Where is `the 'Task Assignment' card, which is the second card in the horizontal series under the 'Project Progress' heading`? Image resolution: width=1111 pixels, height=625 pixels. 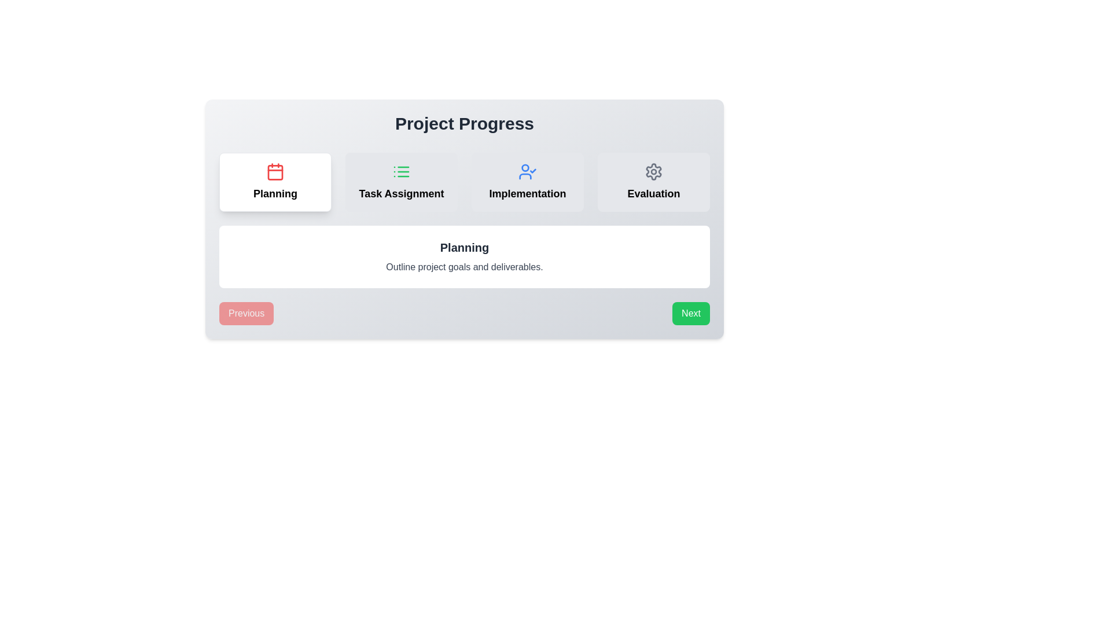 the 'Task Assignment' card, which is the second card in the horizontal series under the 'Project Progress' heading is located at coordinates (402, 182).